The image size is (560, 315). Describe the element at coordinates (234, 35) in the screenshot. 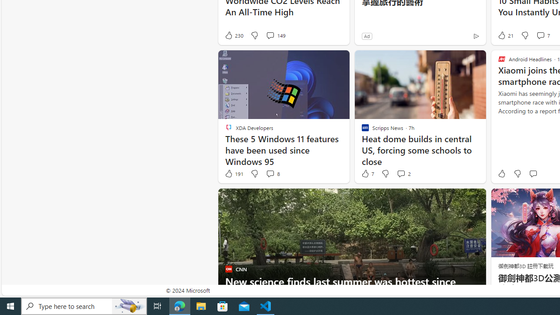

I see `'230 Like'` at that location.